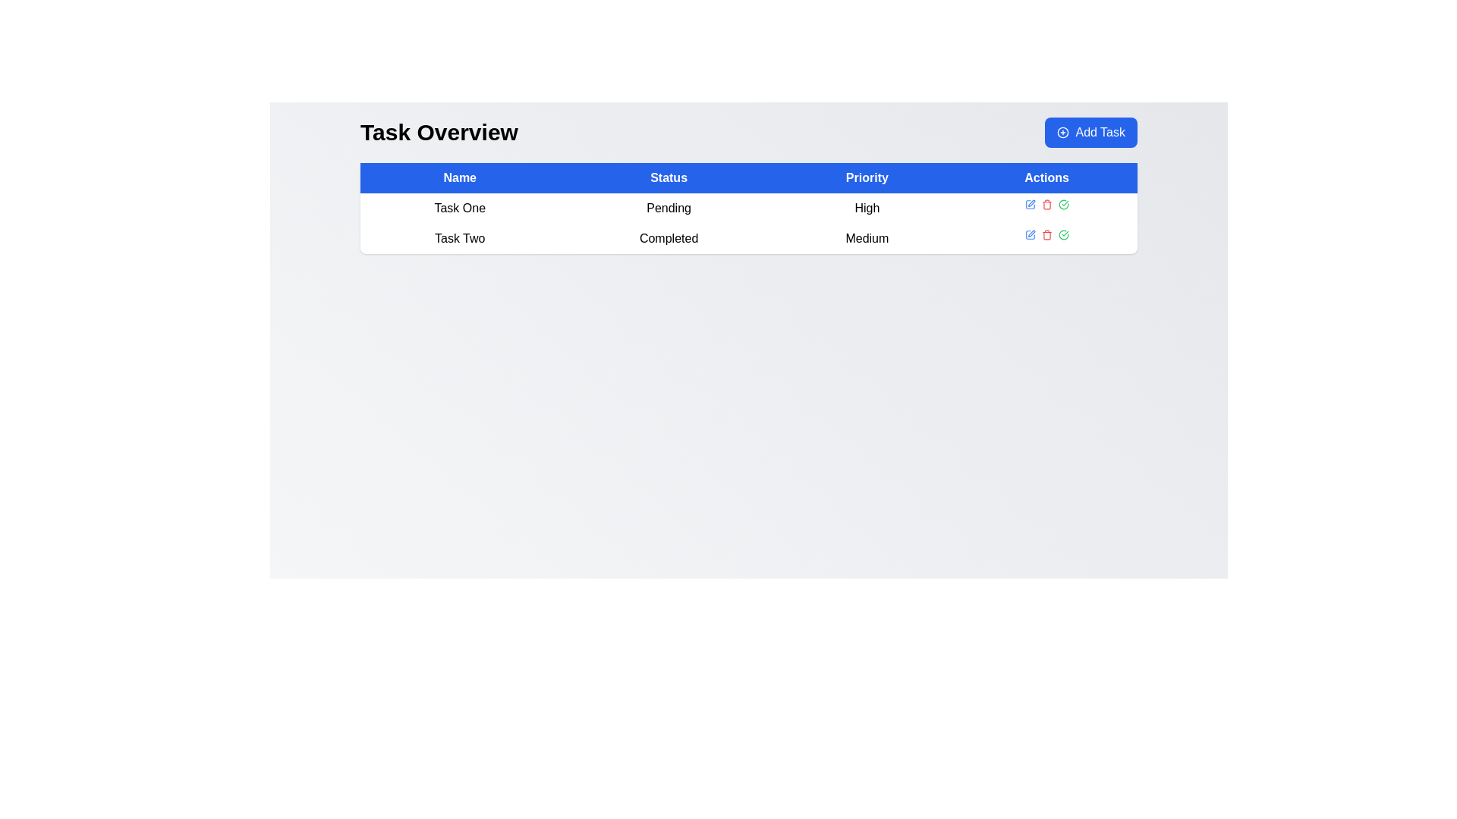 The height and width of the screenshot is (819, 1457). What do you see at coordinates (867, 239) in the screenshot?
I see `the static text label displaying 'Medium', which indicates a priority level and is located under the 'Priority' column in the second row of a table` at bounding box center [867, 239].